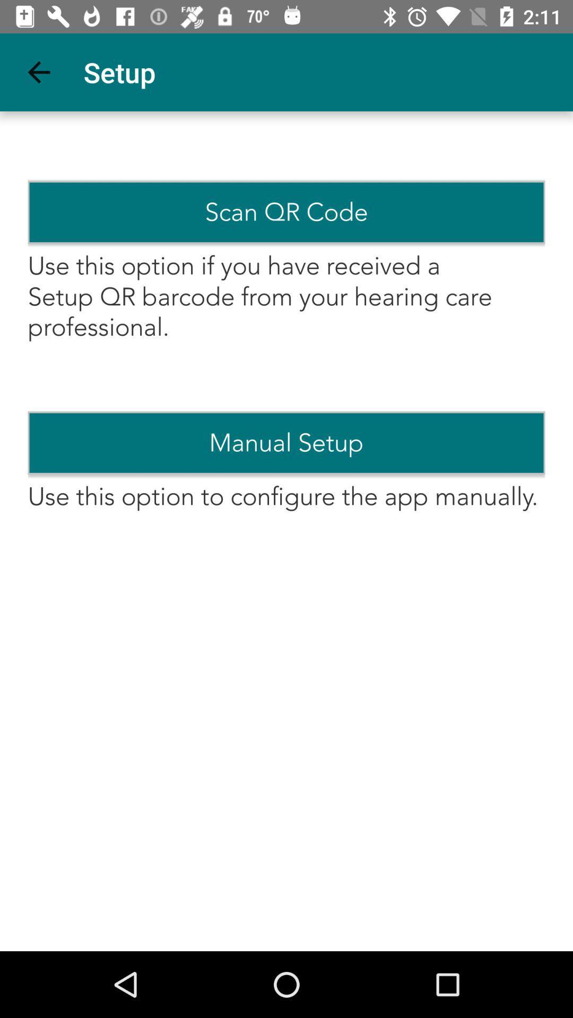 The height and width of the screenshot is (1018, 573). What do you see at coordinates (286, 443) in the screenshot?
I see `manual setup item` at bounding box center [286, 443].